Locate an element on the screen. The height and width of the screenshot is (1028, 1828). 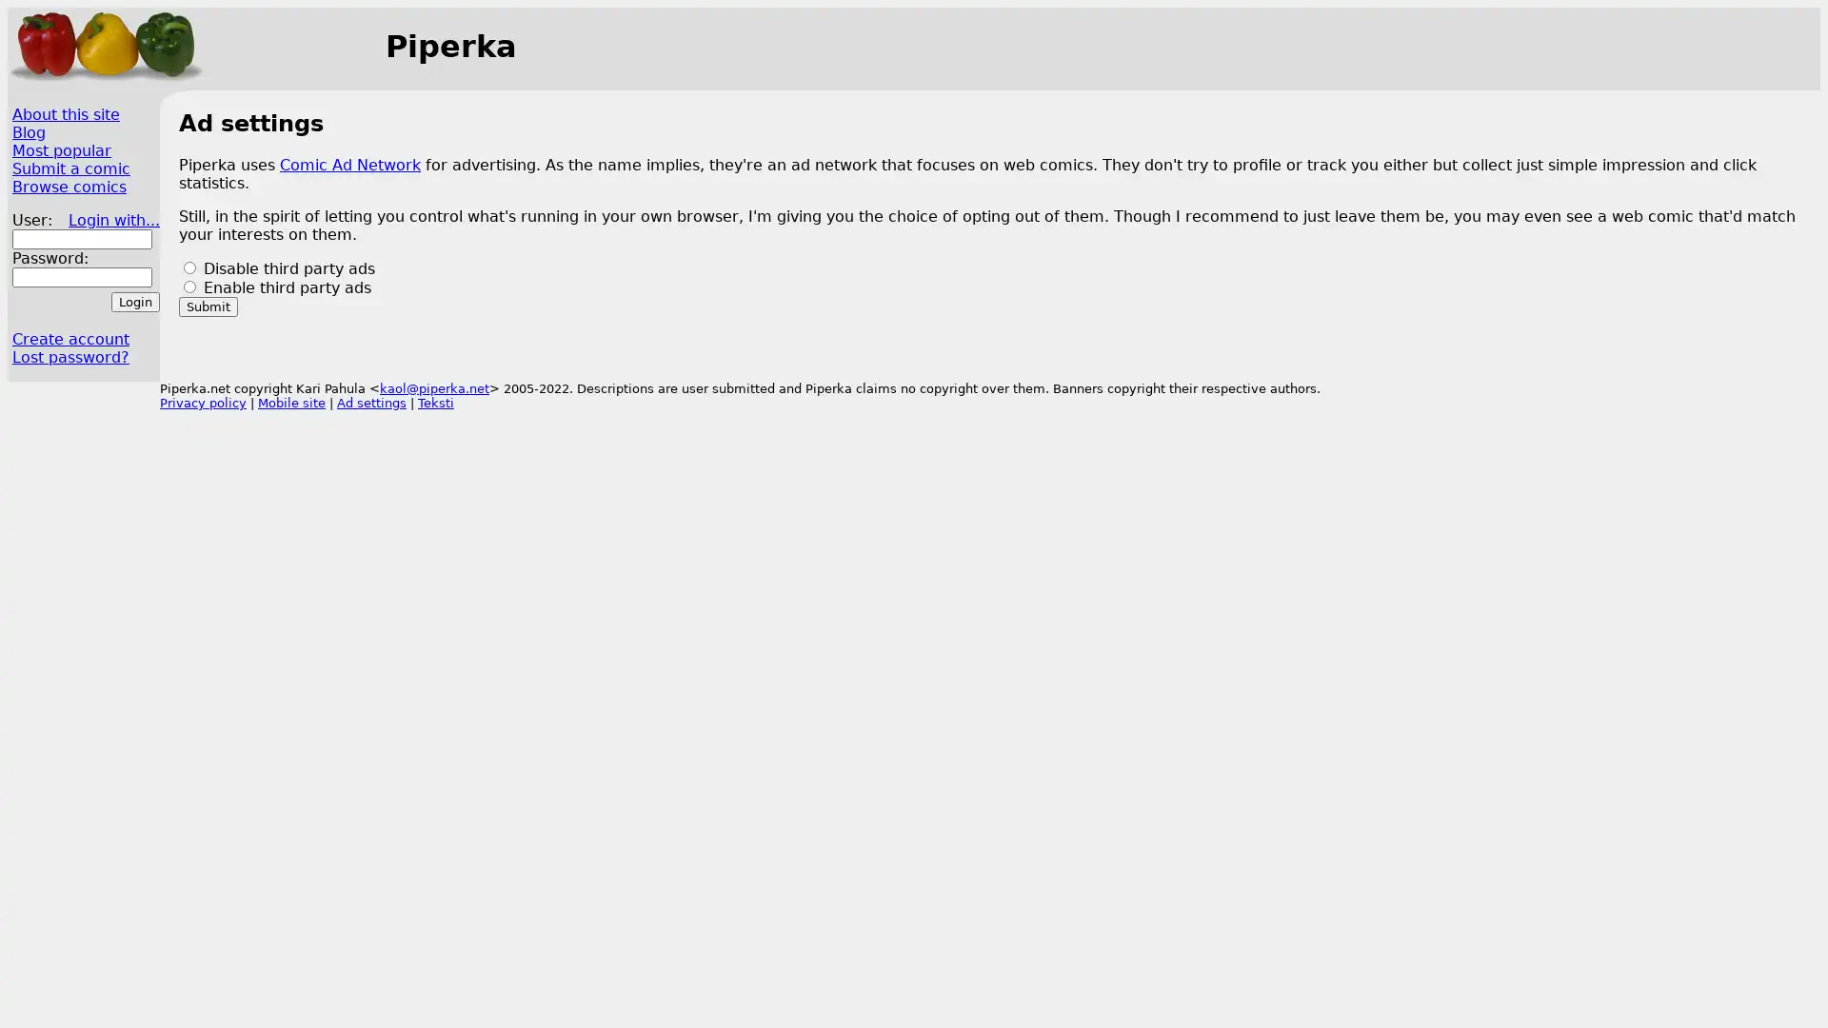
Login is located at coordinates (134, 301).